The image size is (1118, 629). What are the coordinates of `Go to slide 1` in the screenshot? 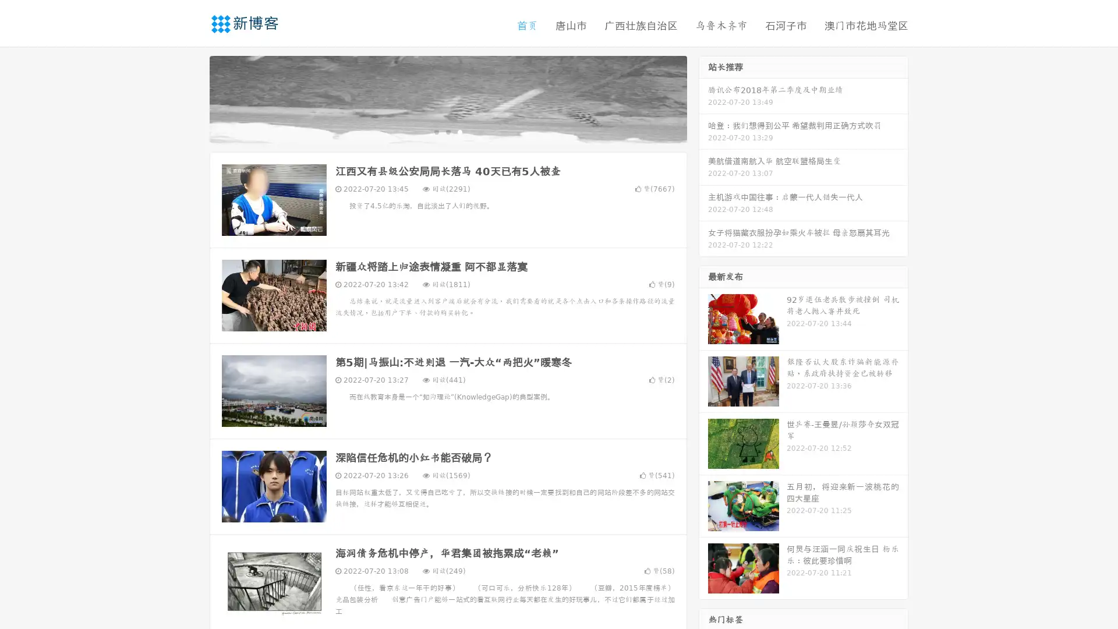 It's located at (436, 131).